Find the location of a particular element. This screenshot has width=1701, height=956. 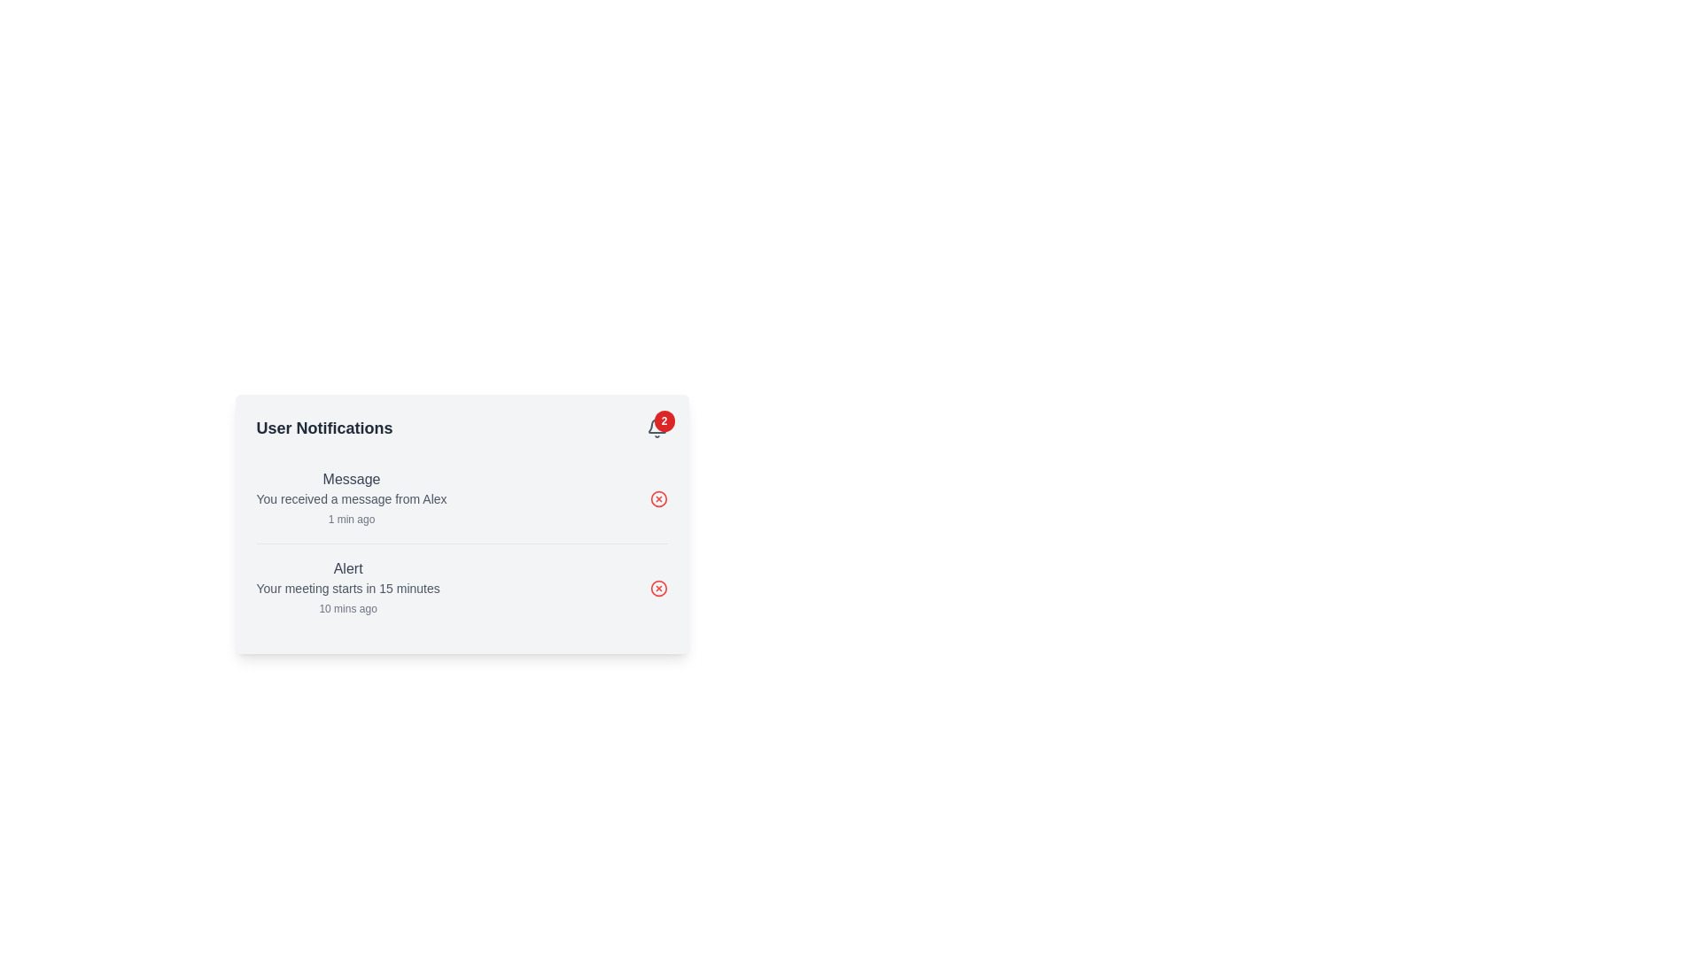

the Notification card that informs the user about a recent message notification, which is the topmost card in the vertical list of notifications below the 'User Notifications' header is located at coordinates (352, 498).